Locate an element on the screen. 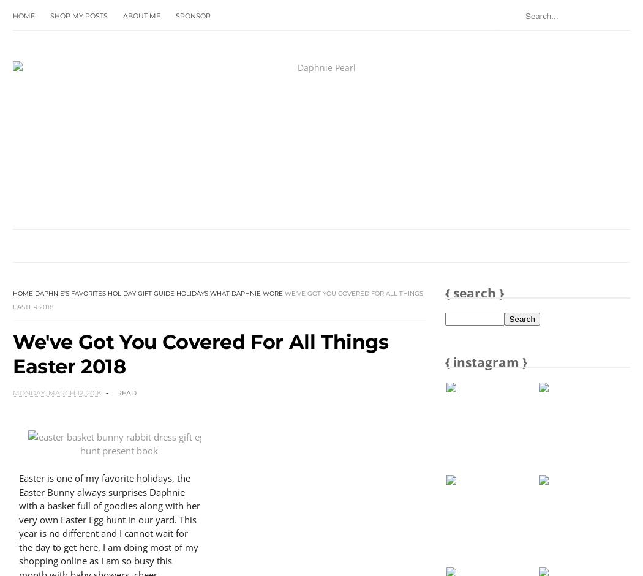 Image resolution: width=643 pixels, height=576 pixels. 'What Daphnie Wore' is located at coordinates (246, 292).